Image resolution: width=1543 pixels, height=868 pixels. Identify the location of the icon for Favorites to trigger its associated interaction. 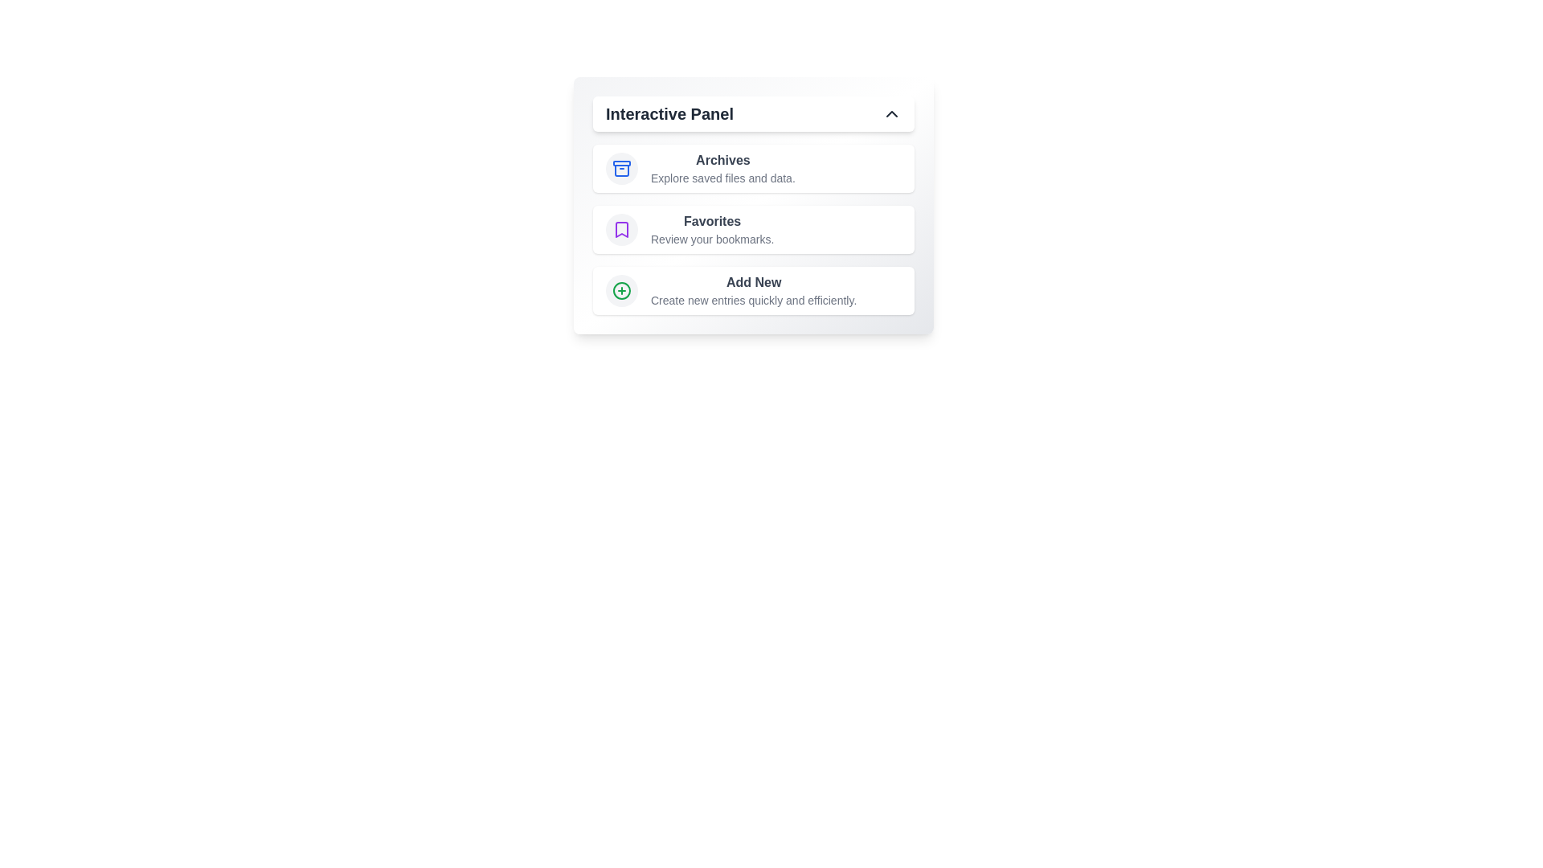
(620, 229).